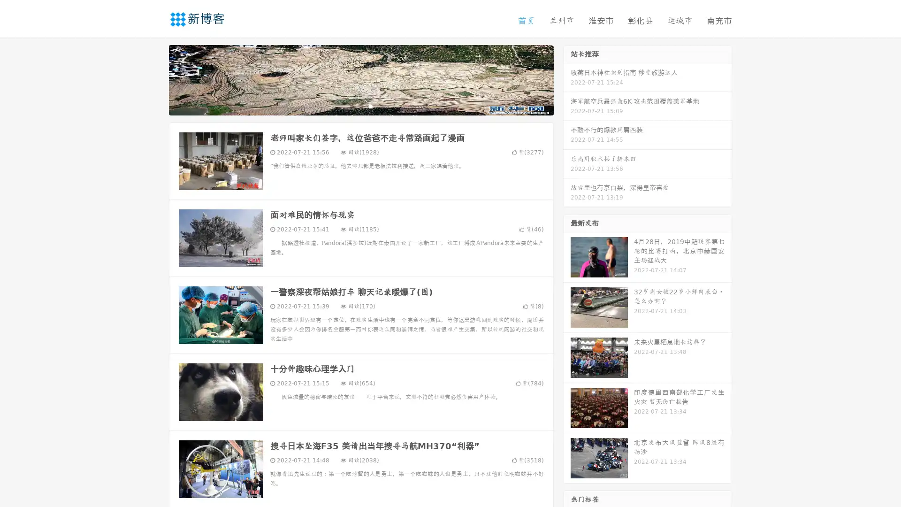 Image resolution: width=901 pixels, height=507 pixels. Describe the element at coordinates (351, 106) in the screenshot. I see `Go to slide 1` at that location.